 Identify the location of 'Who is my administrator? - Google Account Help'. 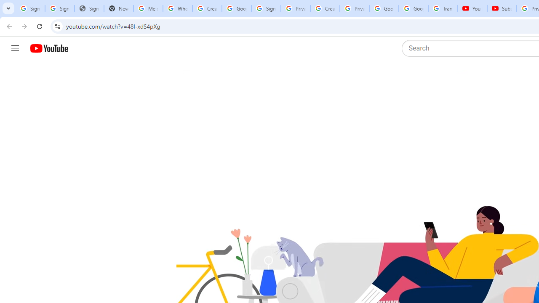
(177, 8).